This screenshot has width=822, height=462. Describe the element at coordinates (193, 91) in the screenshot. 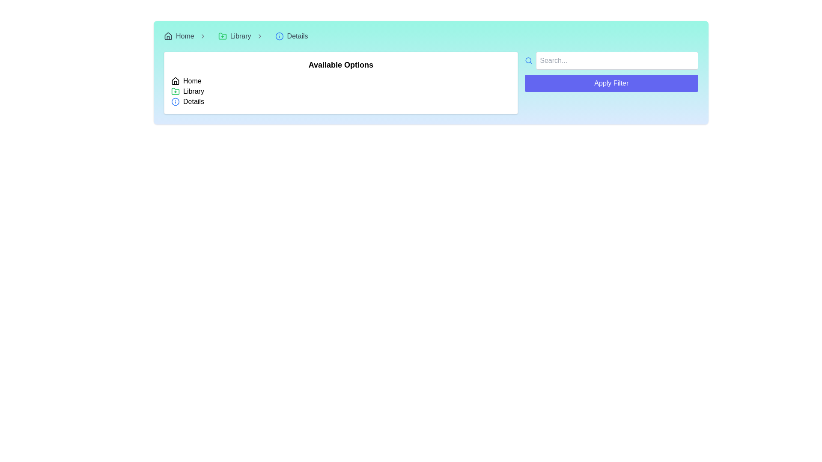

I see `the text label displaying 'Library' in bold black font, positioned to the right of a folder icon within a vertical list of options` at that location.